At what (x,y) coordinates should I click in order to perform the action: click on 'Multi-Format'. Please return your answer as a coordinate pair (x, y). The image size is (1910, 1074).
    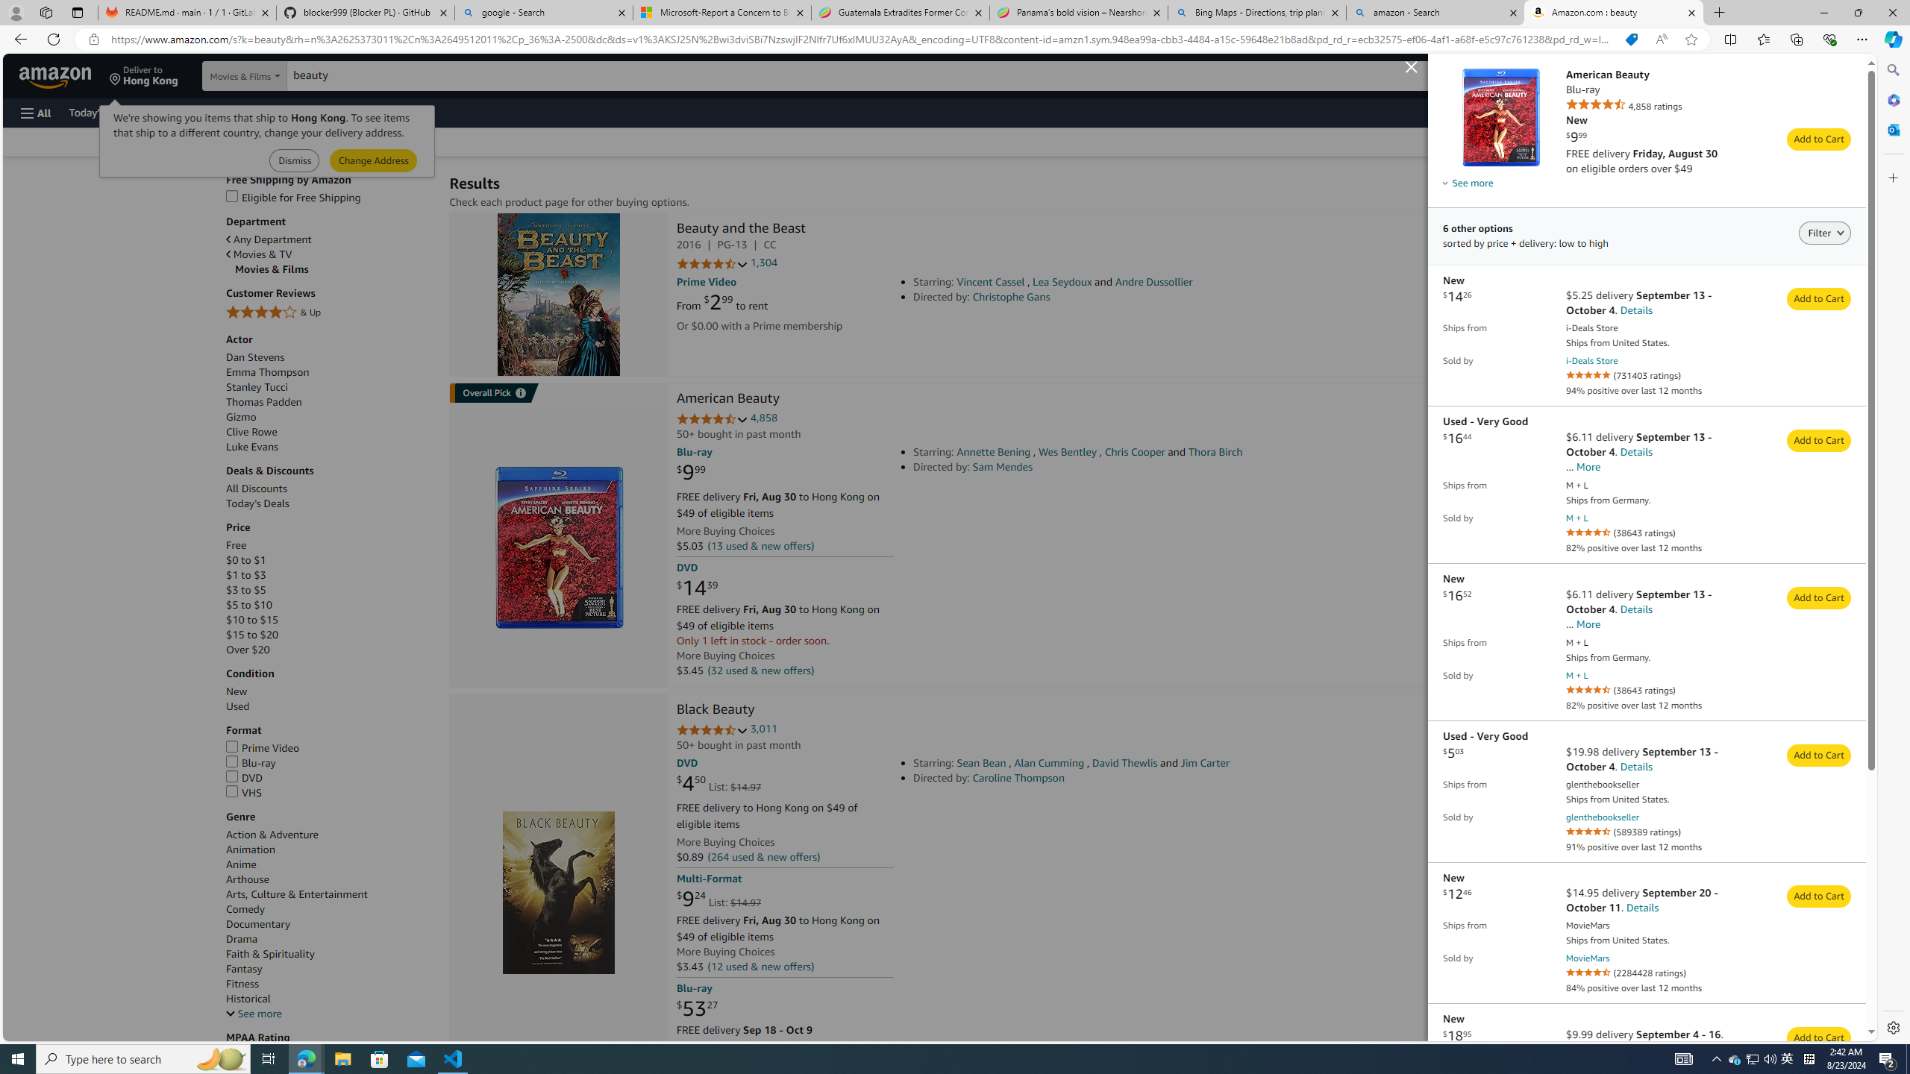
    Looking at the image, I should click on (709, 878).